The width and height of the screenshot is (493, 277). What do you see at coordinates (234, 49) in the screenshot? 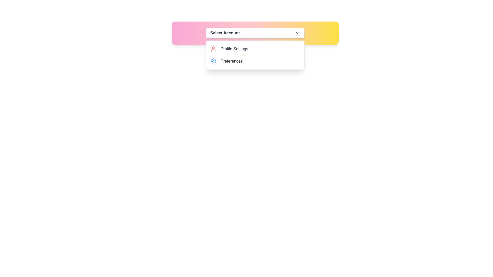
I see `contents of the 'Profile Settings' text label within the dropdown menu under 'Select Account.'` at bounding box center [234, 49].